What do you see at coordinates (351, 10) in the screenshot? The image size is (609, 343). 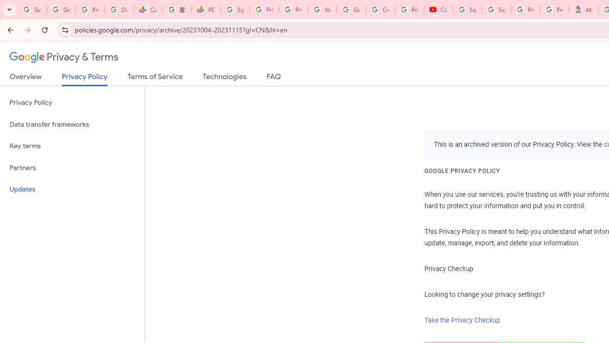 I see `'Google Account Help'` at bounding box center [351, 10].